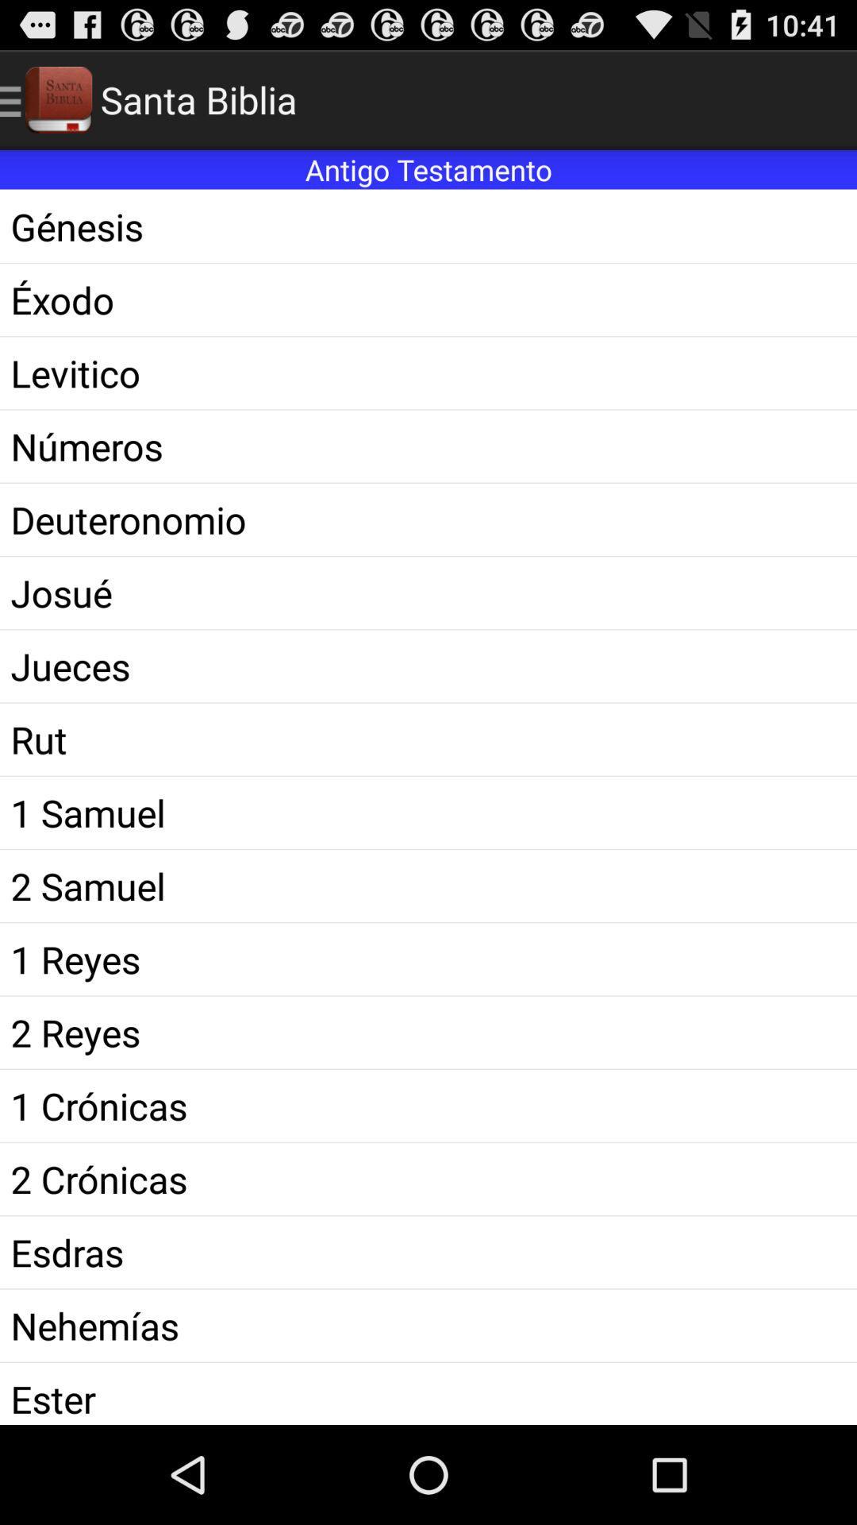 The width and height of the screenshot is (857, 1525). Describe the element at coordinates (428, 958) in the screenshot. I see `1 reyes app` at that location.